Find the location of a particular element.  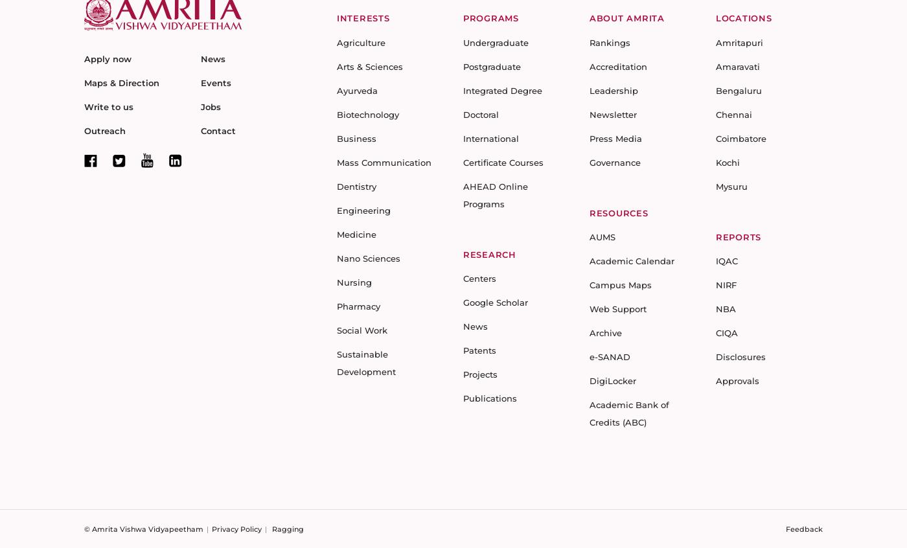

'International' is located at coordinates (490, 138).